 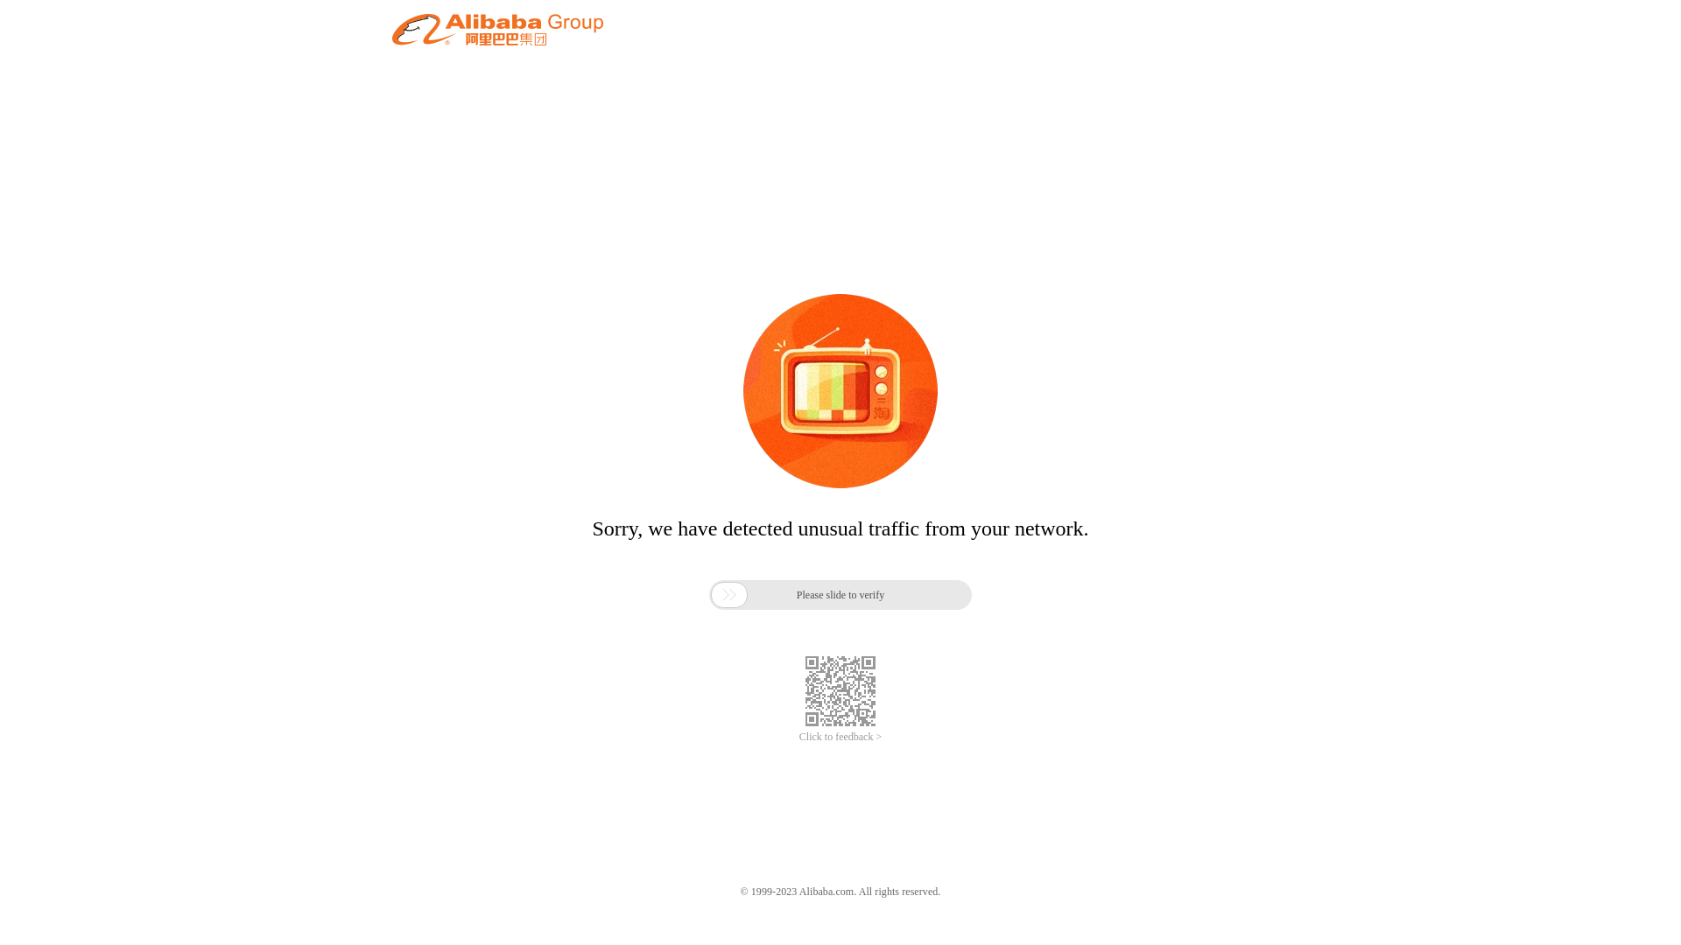 I want to click on 'Click to feedback >', so click(x=798, y=737).